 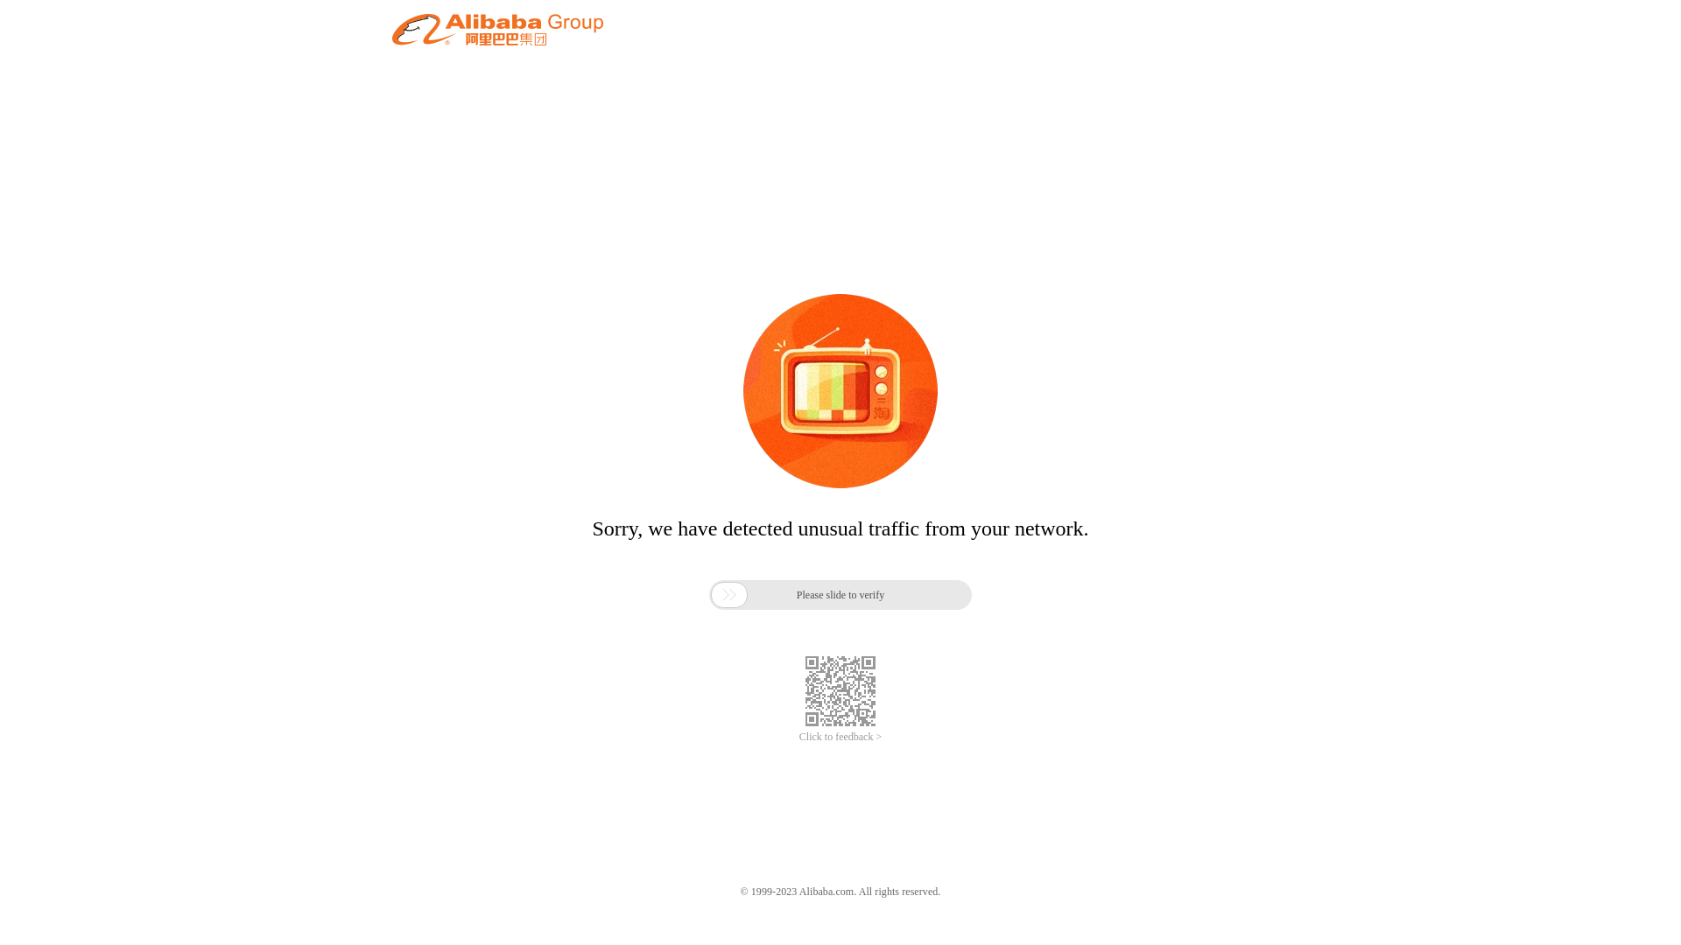 I want to click on 'Click to feedback >', so click(x=798, y=737).